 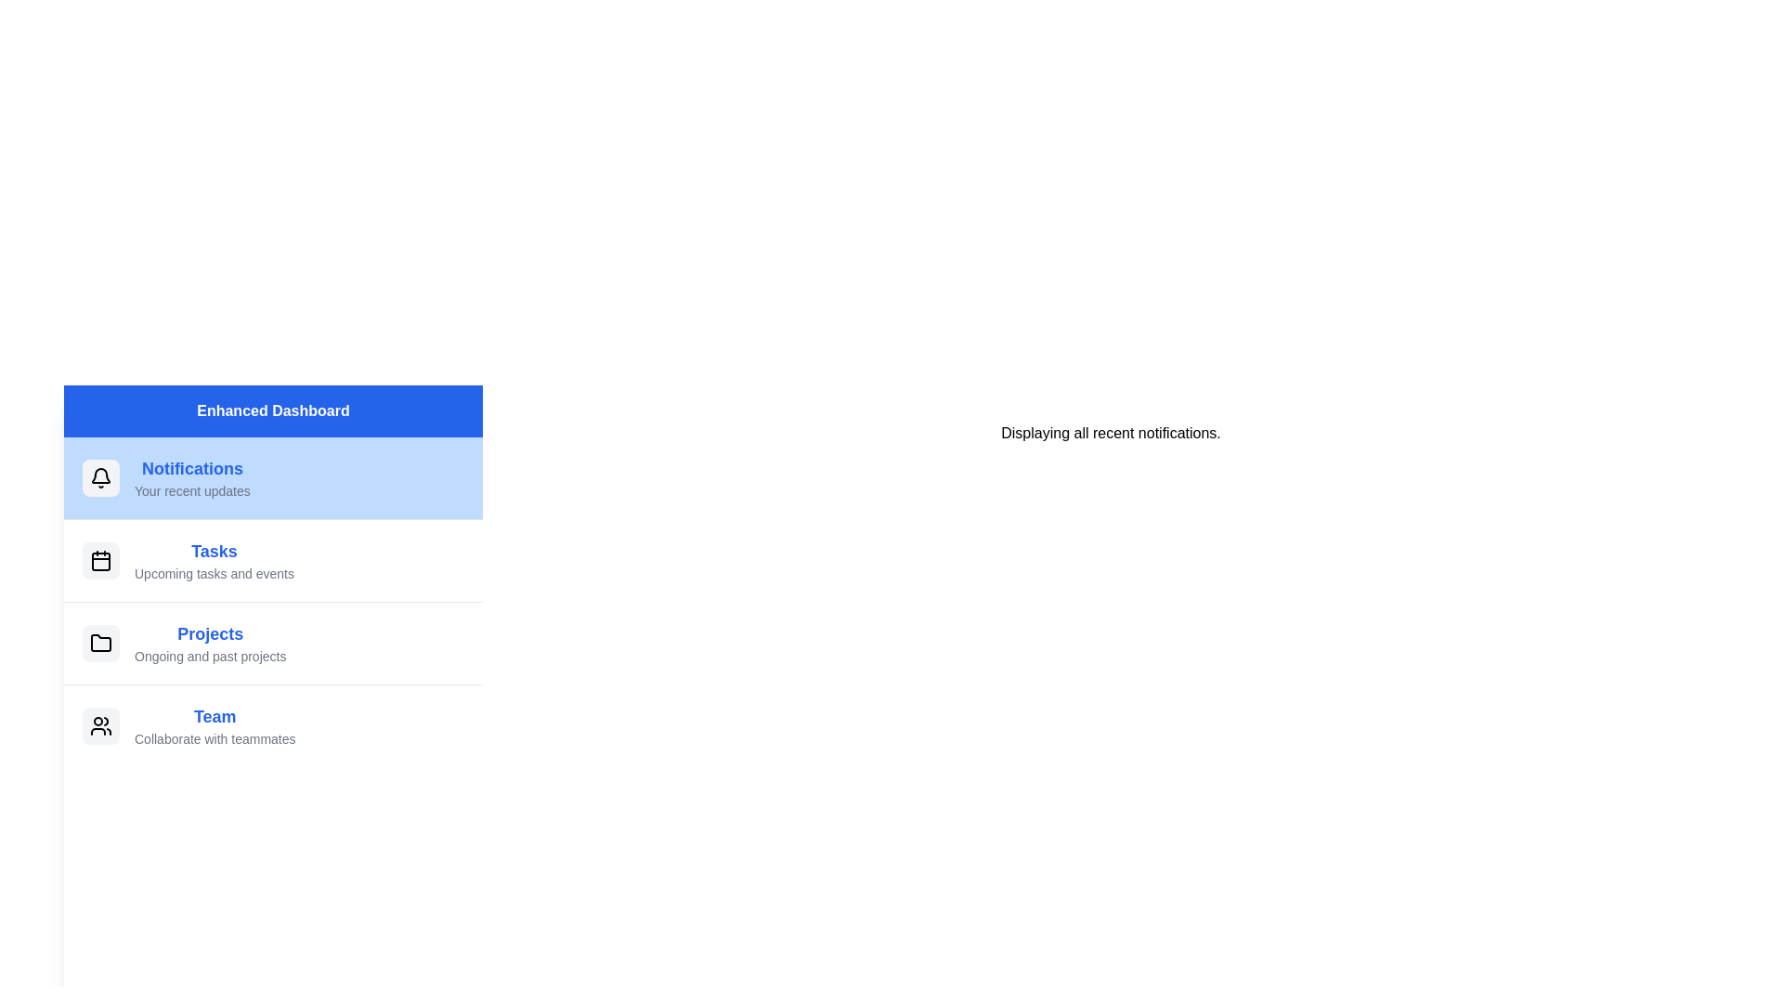 What do you see at coordinates (272, 559) in the screenshot?
I see `the menu item labeled Tasks to observe its hover effect` at bounding box center [272, 559].